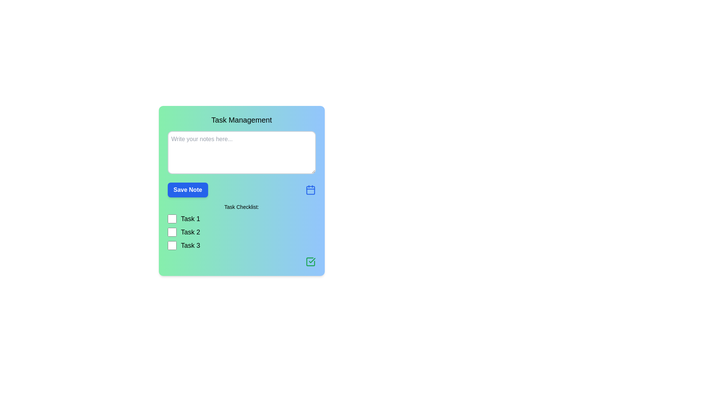 The image size is (711, 400). I want to click on the static text label reading 'Task 2', which is styled with a bold black font and positioned within a checklist interface, located to the right of a checkbox and between 'Task 1' and 'Task 3', so click(190, 232).